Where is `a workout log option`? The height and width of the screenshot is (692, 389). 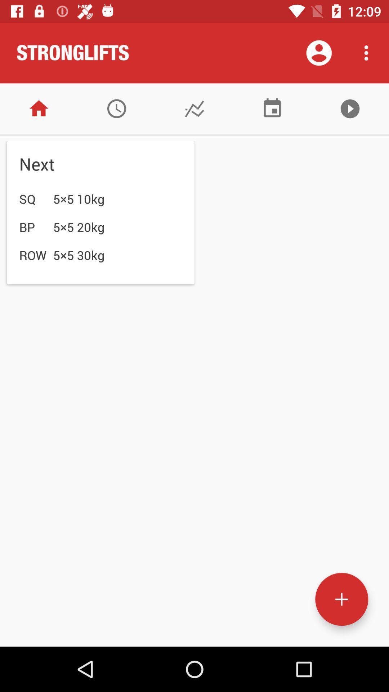 a workout log option is located at coordinates (194, 108).